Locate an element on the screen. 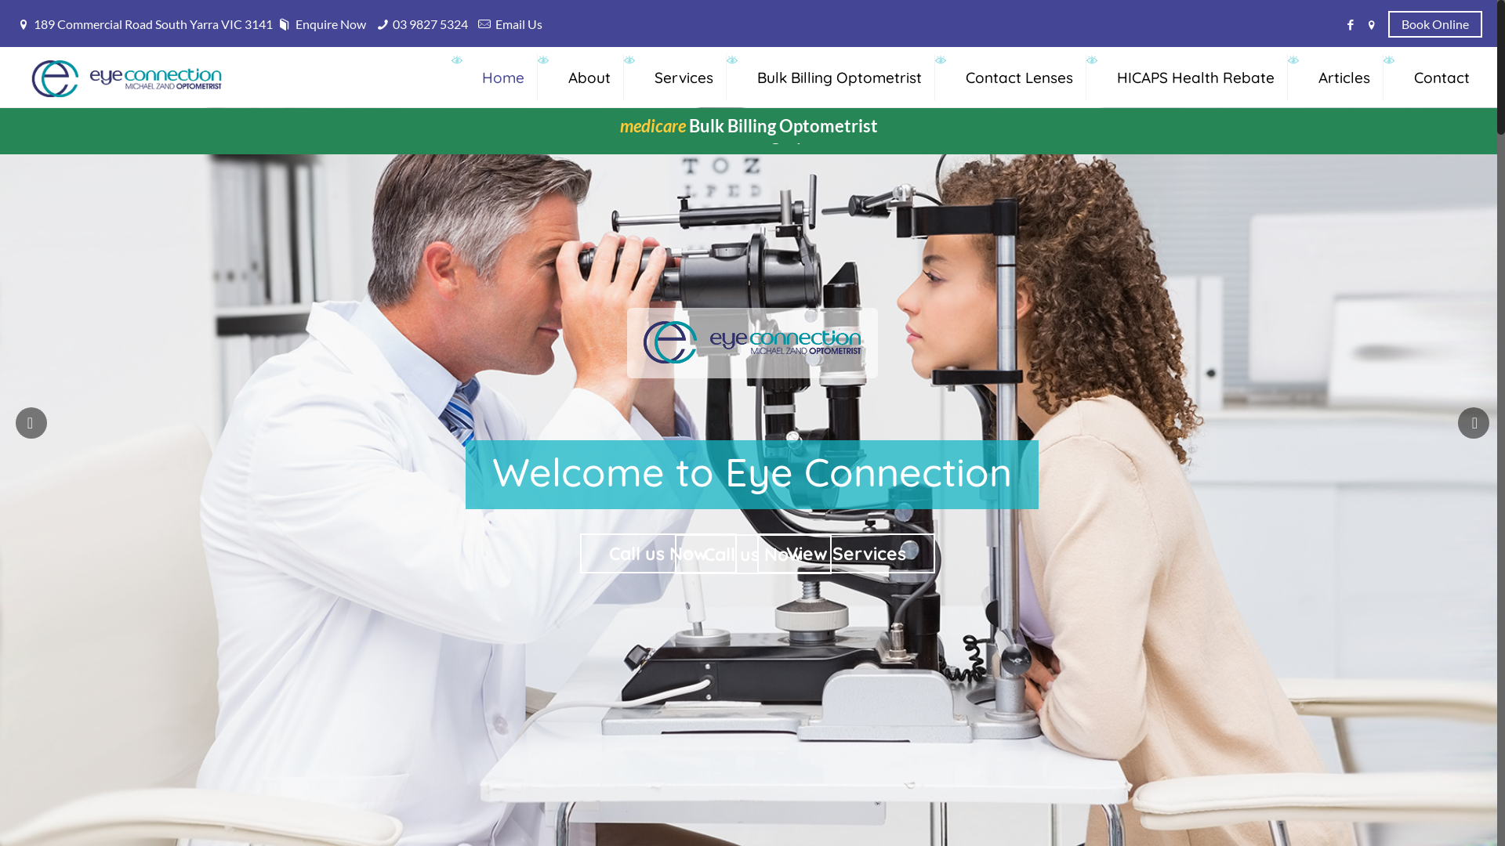  'About' is located at coordinates (589, 77).